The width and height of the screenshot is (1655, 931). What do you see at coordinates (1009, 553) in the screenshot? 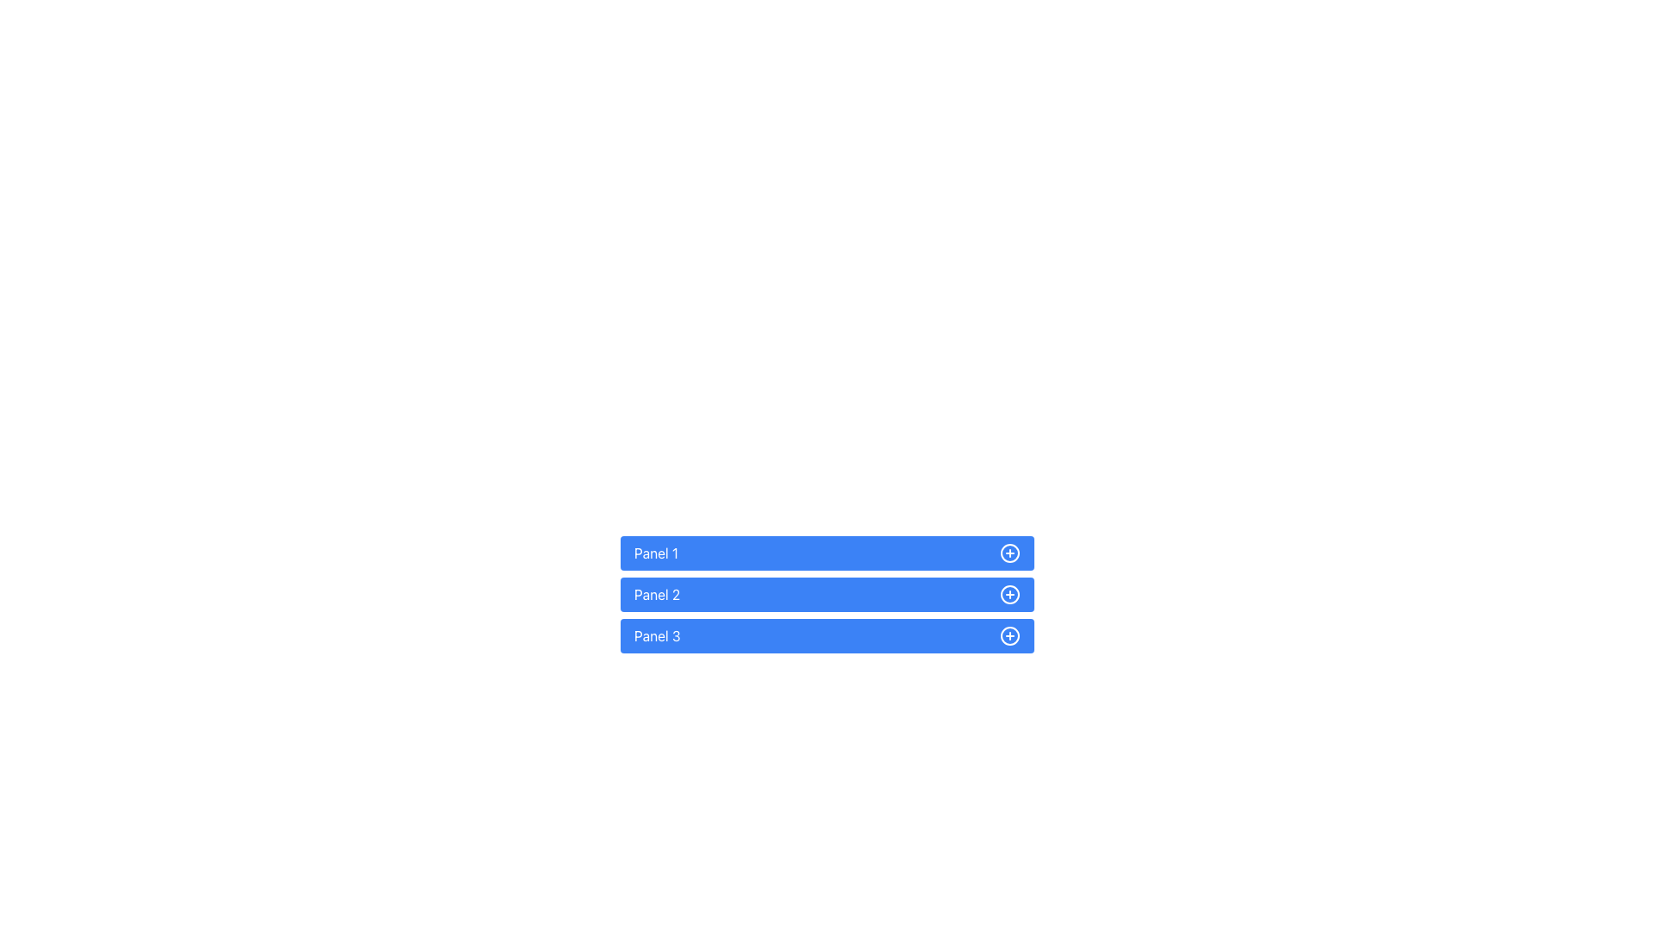
I see `the icon located at the far-right edge of 'Panel 1'` at bounding box center [1009, 553].